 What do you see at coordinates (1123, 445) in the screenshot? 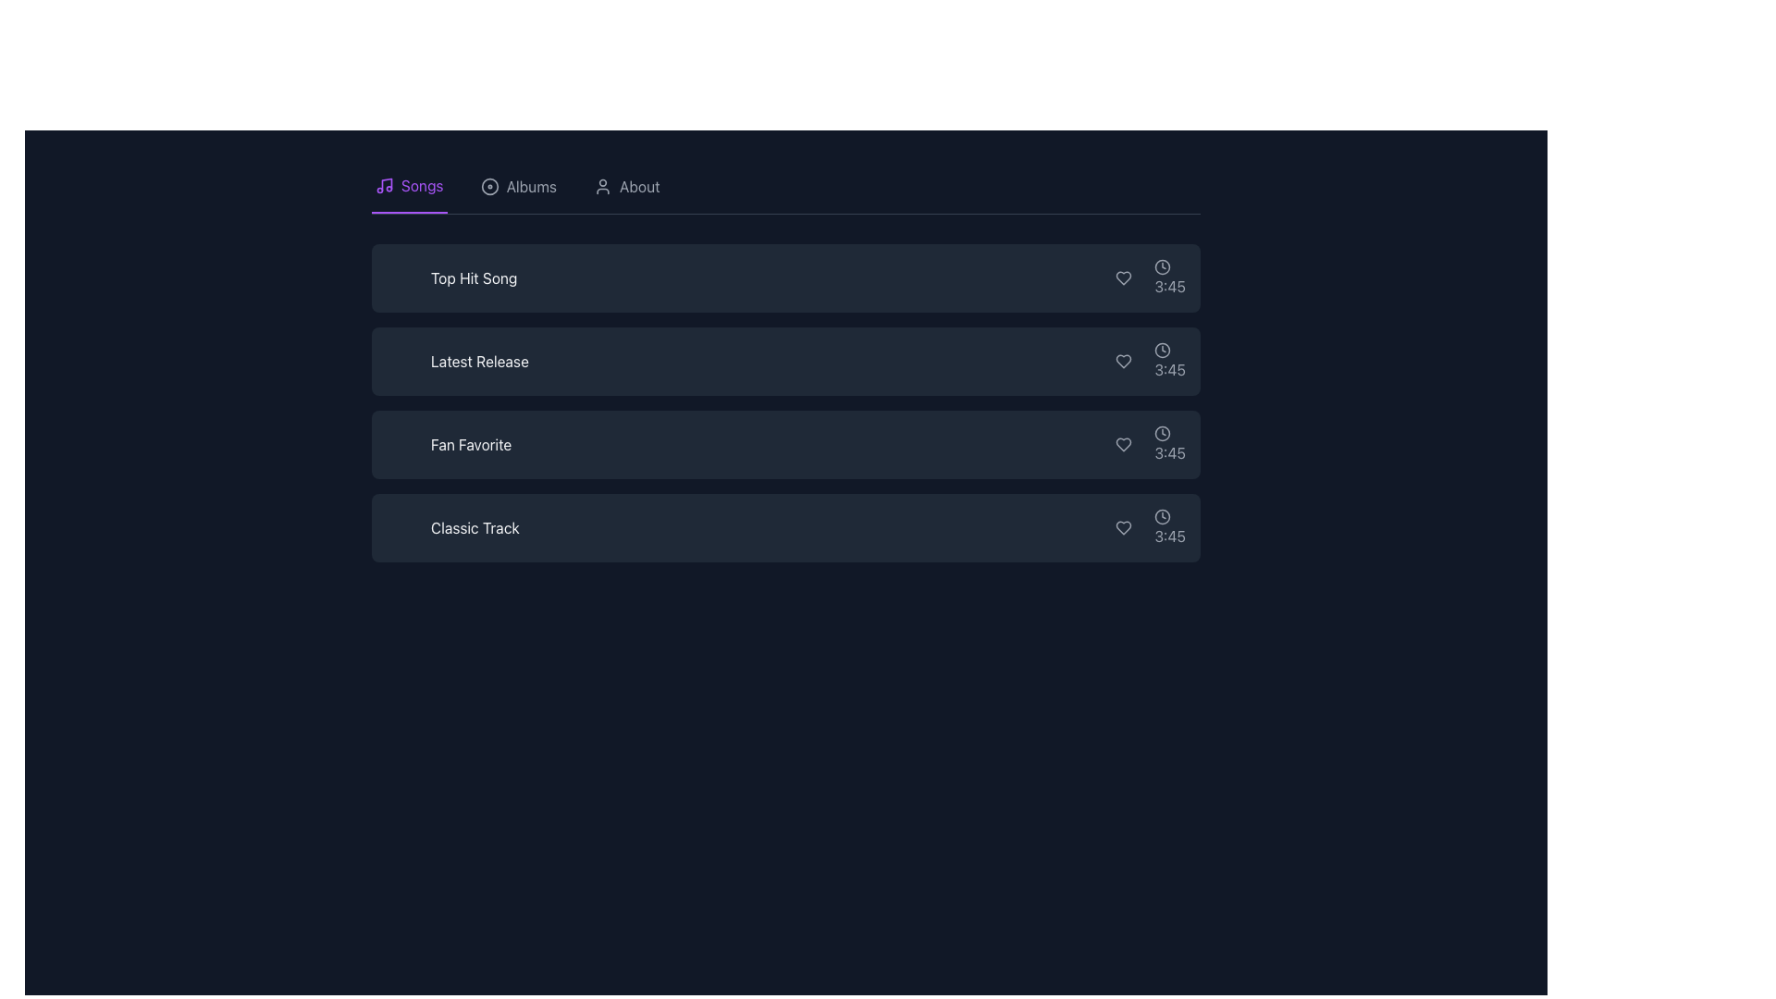
I see `the heart-shaped icon button` at bounding box center [1123, 445].